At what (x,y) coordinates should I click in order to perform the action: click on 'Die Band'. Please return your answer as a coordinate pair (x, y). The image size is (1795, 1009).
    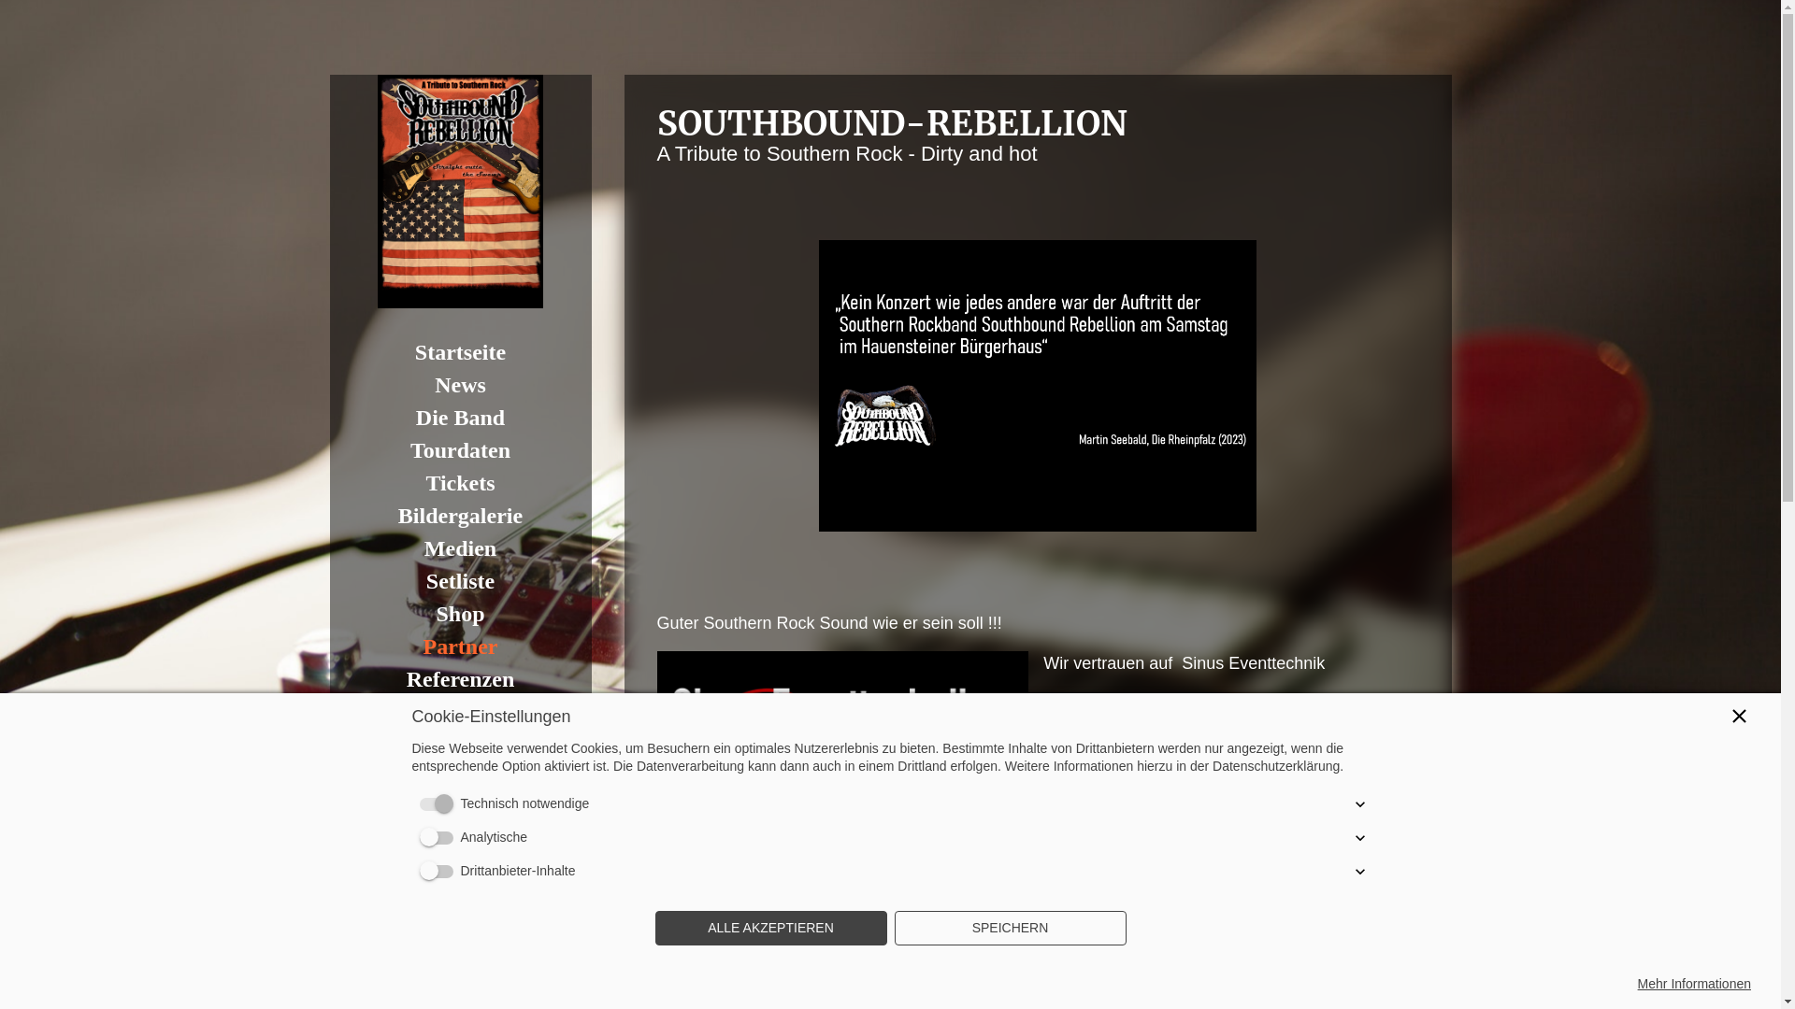
    Looking at the image, I should click on (459, 417).